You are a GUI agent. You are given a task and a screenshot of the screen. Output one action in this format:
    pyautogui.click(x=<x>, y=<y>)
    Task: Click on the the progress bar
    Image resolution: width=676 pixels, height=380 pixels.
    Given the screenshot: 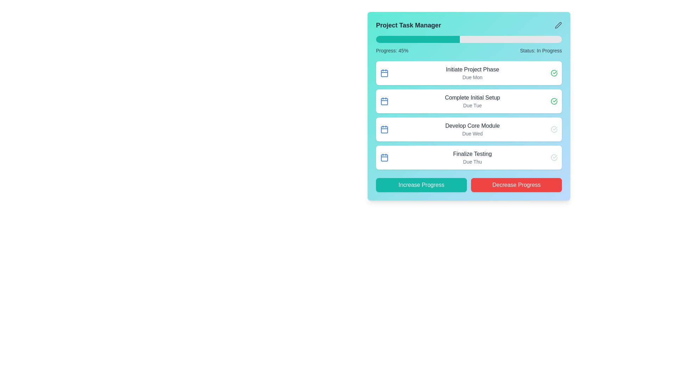 What is the action you would take?
    pyautogui.click(x=415, y=39)
    